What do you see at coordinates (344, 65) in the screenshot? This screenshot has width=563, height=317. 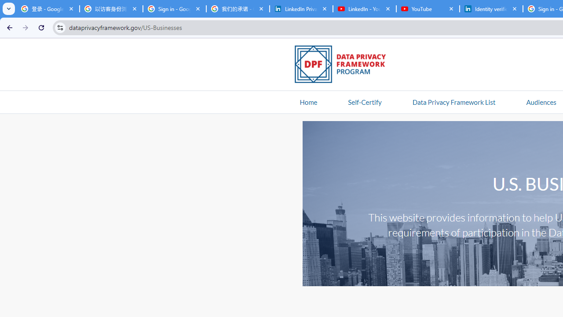 I see `'Data Privacy Framework Logo - Link to Homepage'` at bounding box center [344, 65].